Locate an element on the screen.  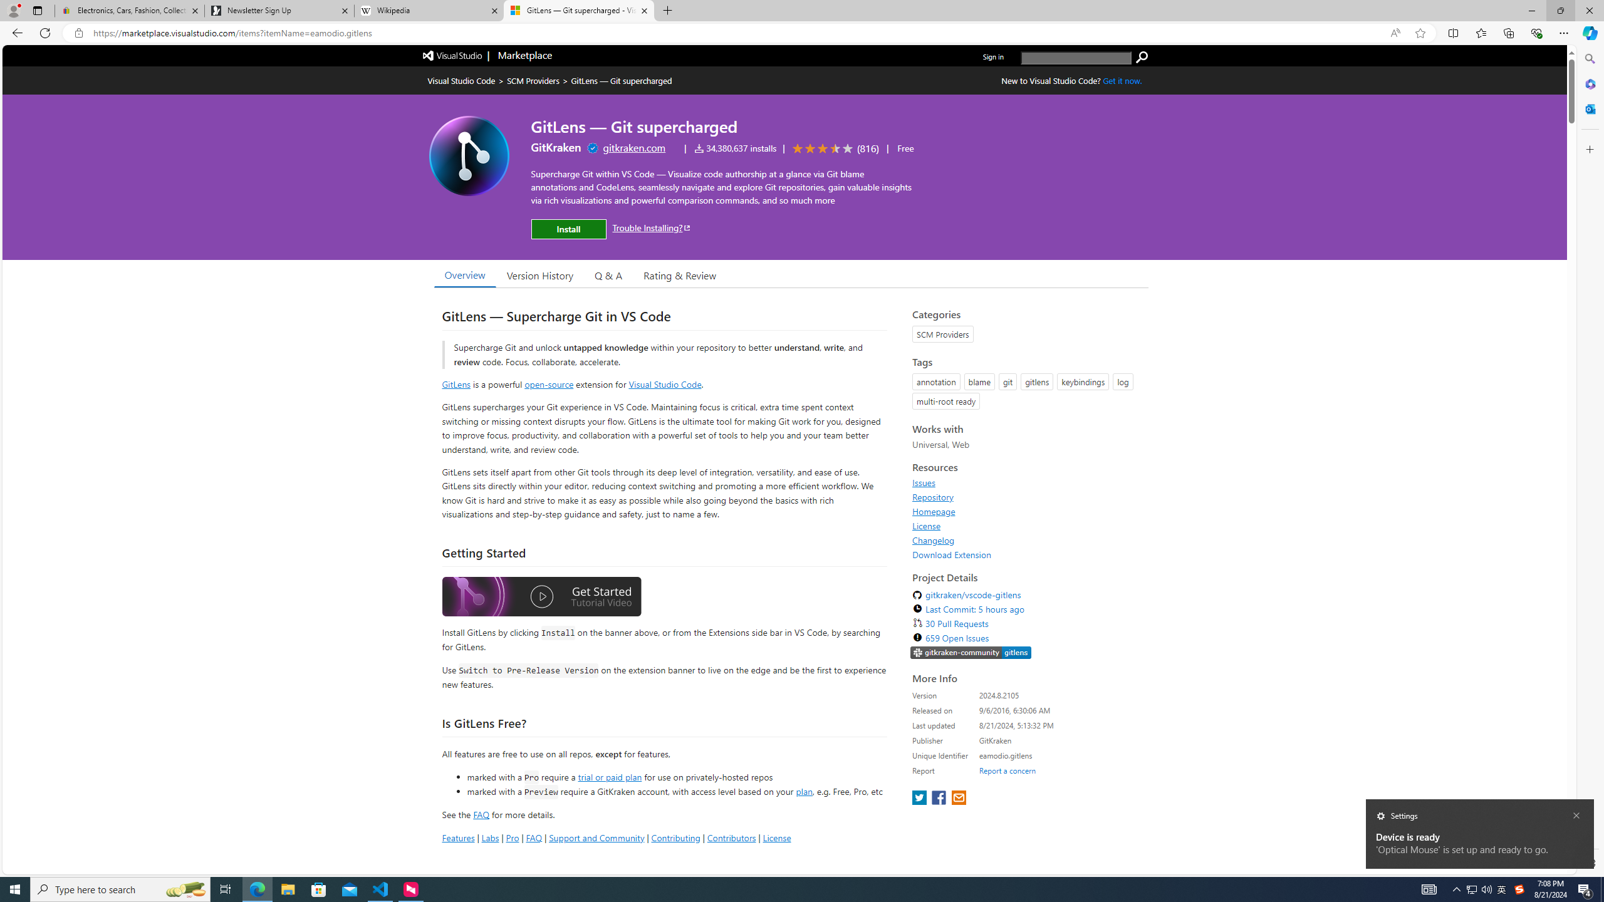
'Contributing' is located at coordinates (676, 837).